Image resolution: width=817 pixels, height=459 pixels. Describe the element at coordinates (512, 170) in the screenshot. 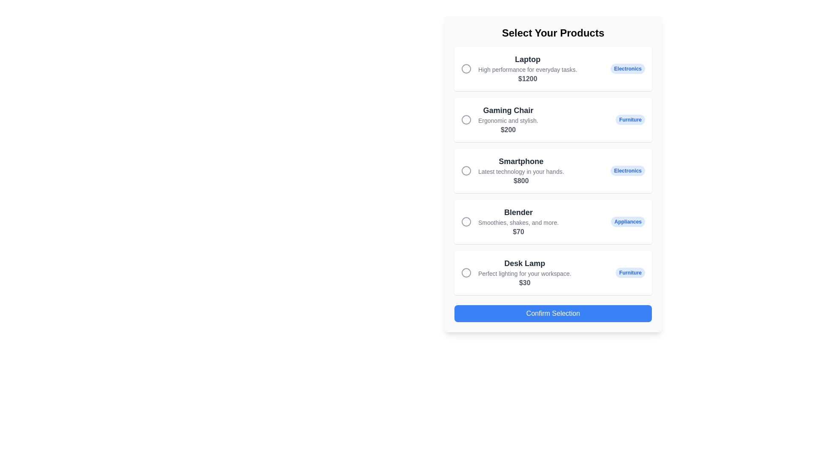

I see `the third data display row that shows detailed information about a product, located between 'Gaming Chair' and 'Blender'` at that location.